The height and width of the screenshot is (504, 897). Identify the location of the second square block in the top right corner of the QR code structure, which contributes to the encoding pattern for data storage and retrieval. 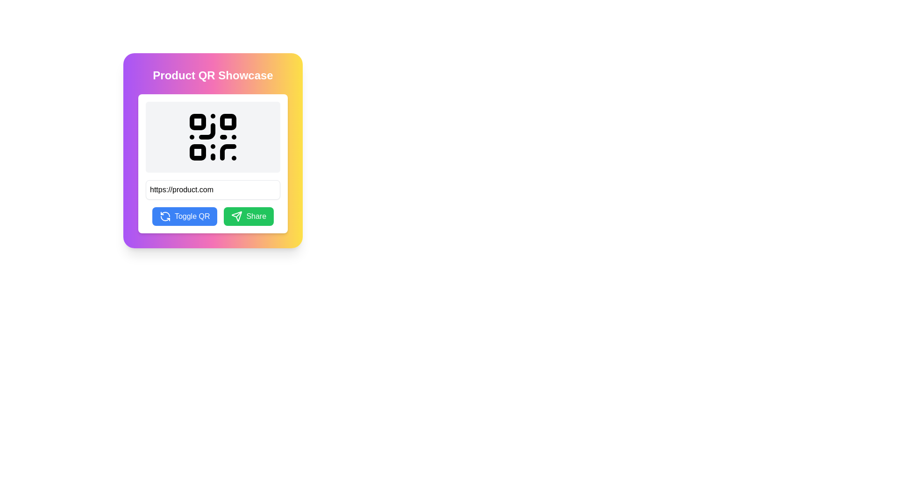
(228, 121).